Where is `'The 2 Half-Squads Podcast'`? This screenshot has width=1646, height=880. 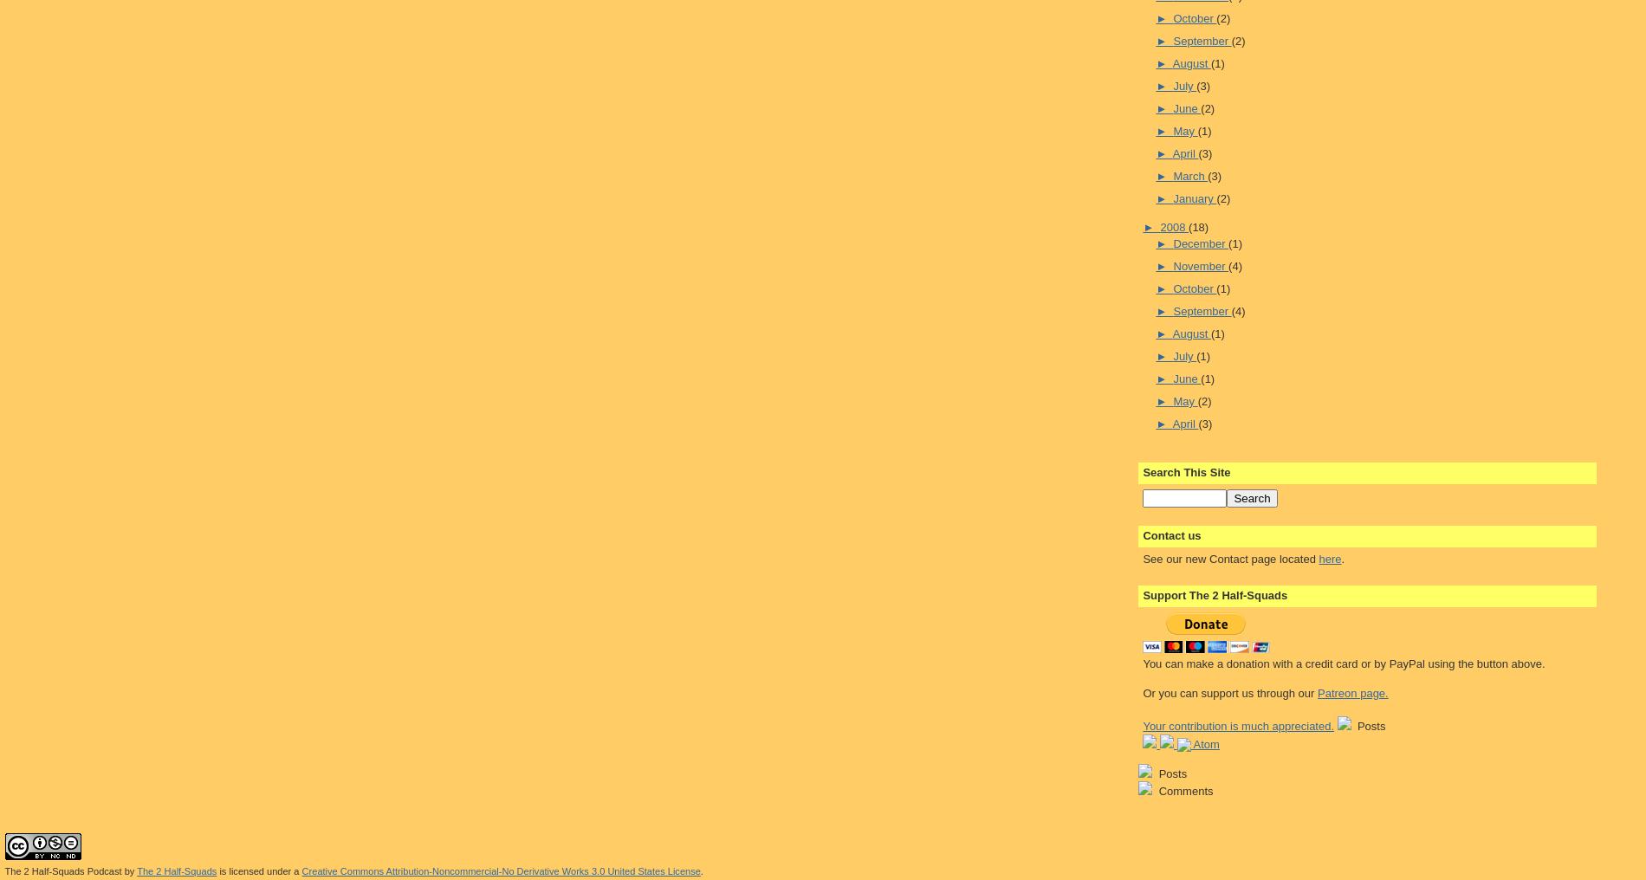 'The 2 Half-Squads Podcast' is located at coordinates (62, 870).